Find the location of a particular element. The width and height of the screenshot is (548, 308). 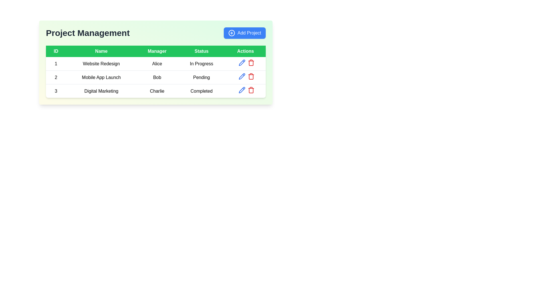

the red trash bin icon in the Actions column of the third row associated with the 'Digital Marketing' project managed by 'Charlie' is located at coordinates (251, 90).